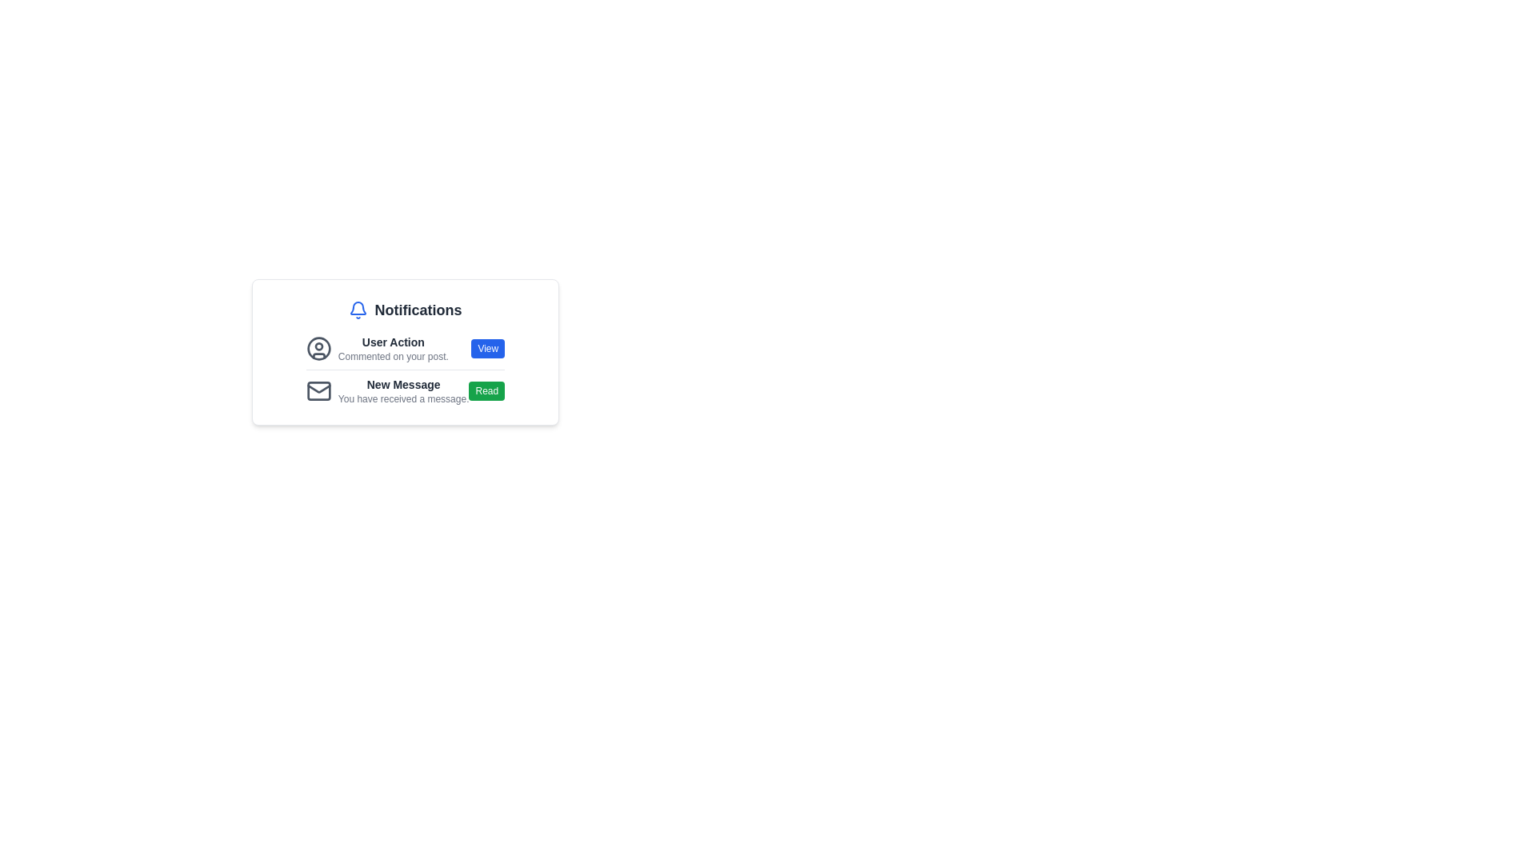 The width and height of the screenshot is (1536, 864). Describe the element at coordinates (487, 347) in the screenshot. I see `the 'View' button, which is a rectangular button with white text on a blue background, located in the upper right corner of the notification entry` at that location.